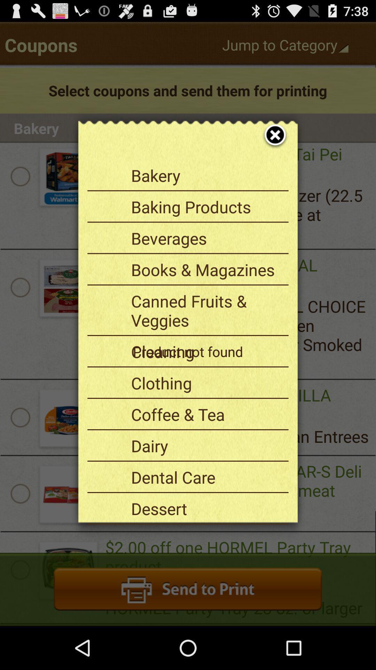  I want to click on app above the coffee & tea item, so click(207, 382).